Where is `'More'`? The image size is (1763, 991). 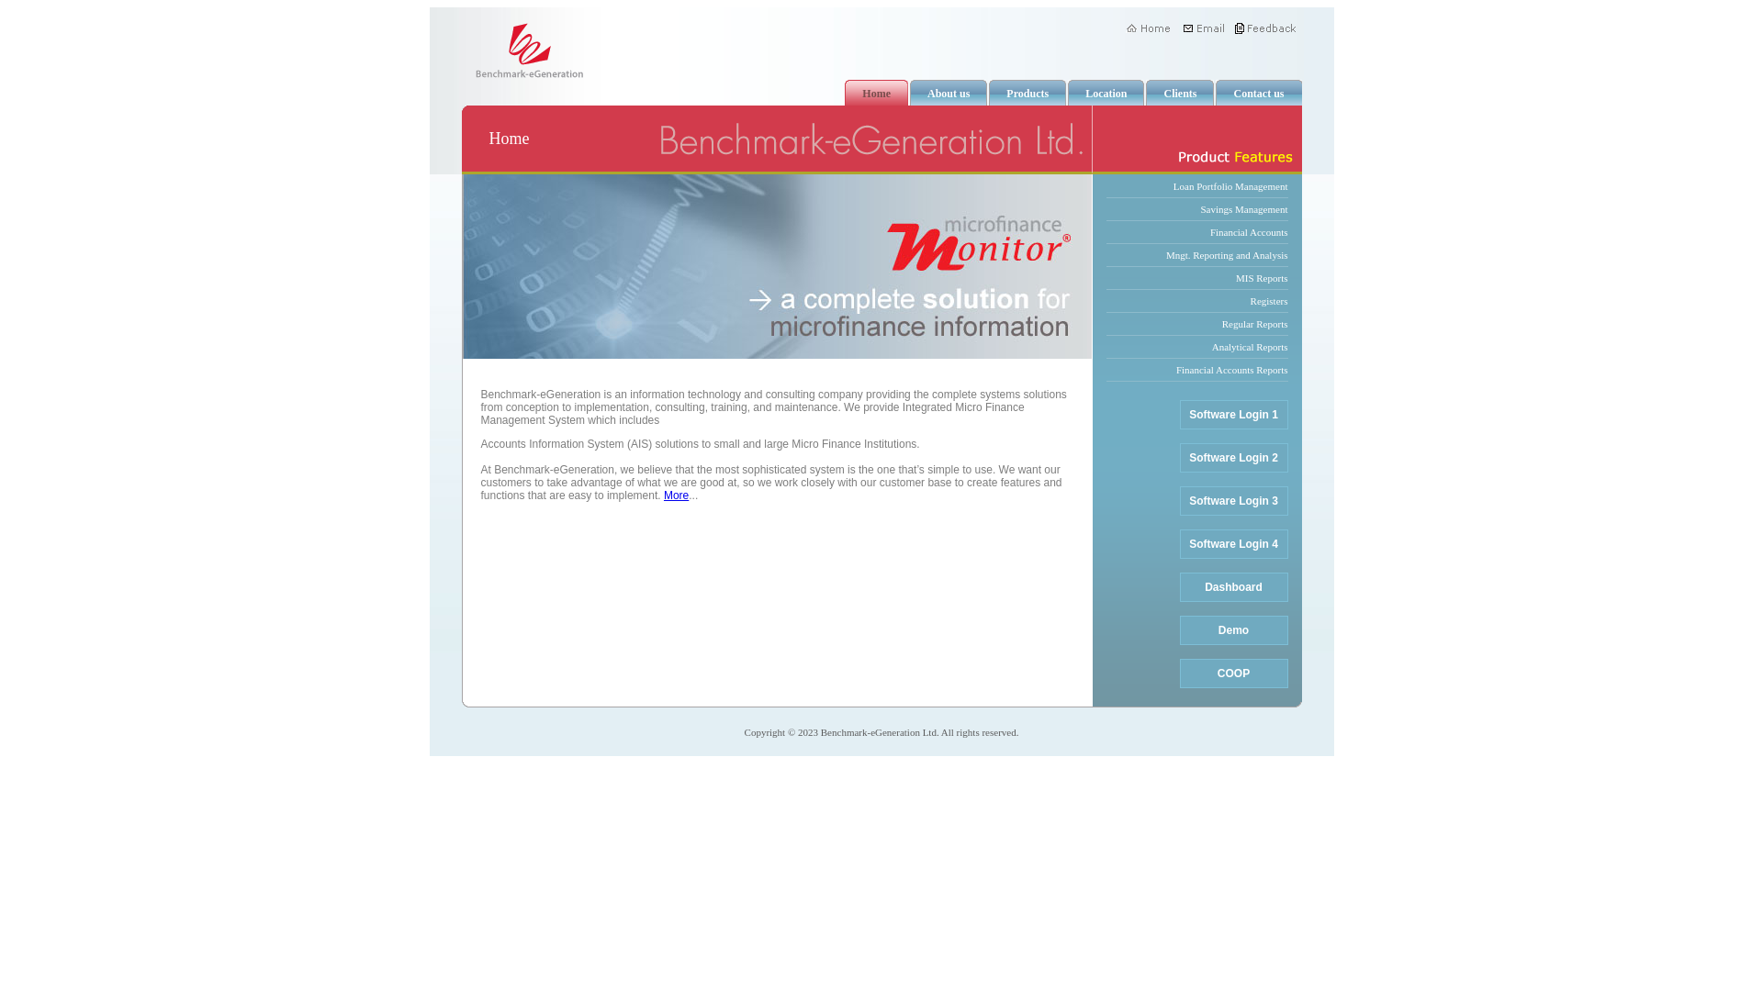 'More' is located at coordinates (675, 495).